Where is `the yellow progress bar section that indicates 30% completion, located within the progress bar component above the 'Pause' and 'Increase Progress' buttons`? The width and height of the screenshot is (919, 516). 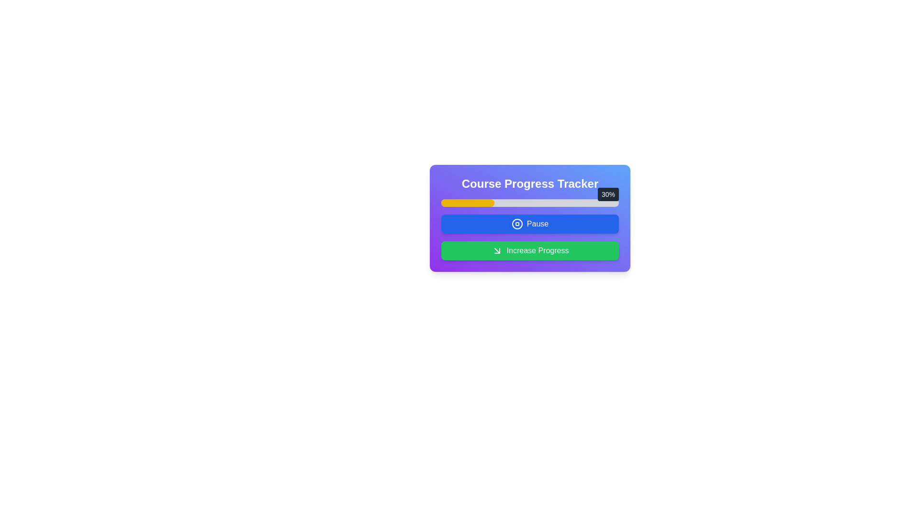 the yellow progress bar section that indicates 30% completion, located within the progress bar component above the 'Pause' and 'Increase Progress' buttons is located at coordinates (468, 202).